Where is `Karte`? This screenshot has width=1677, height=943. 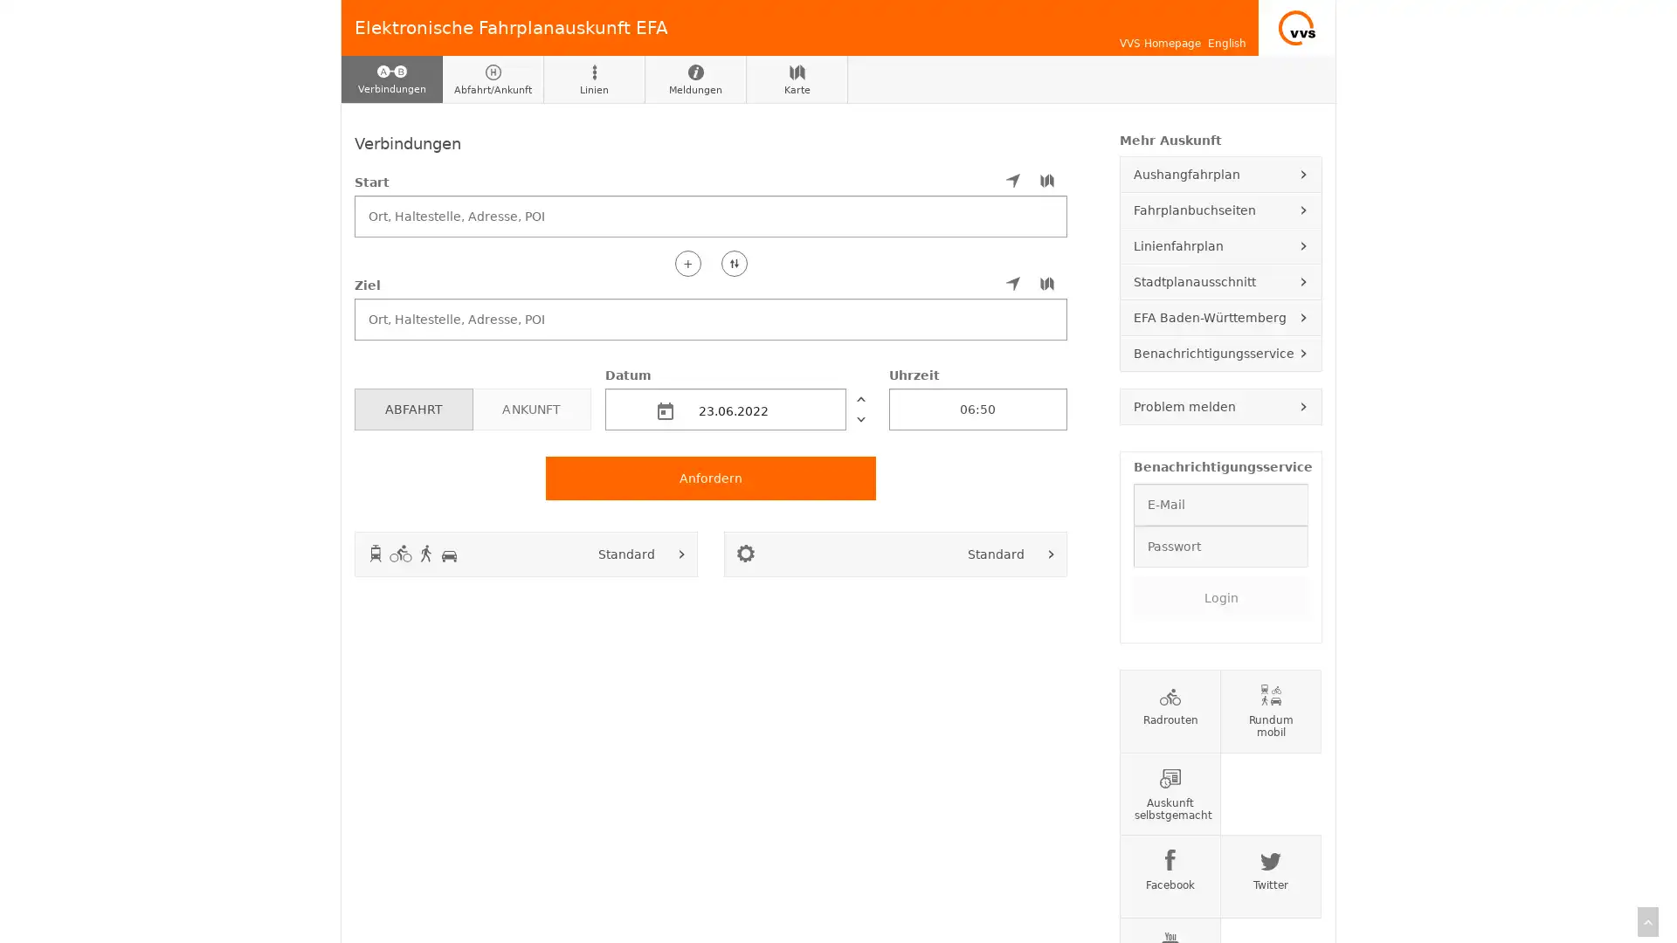
Karte is located at coordinates (796, 79).